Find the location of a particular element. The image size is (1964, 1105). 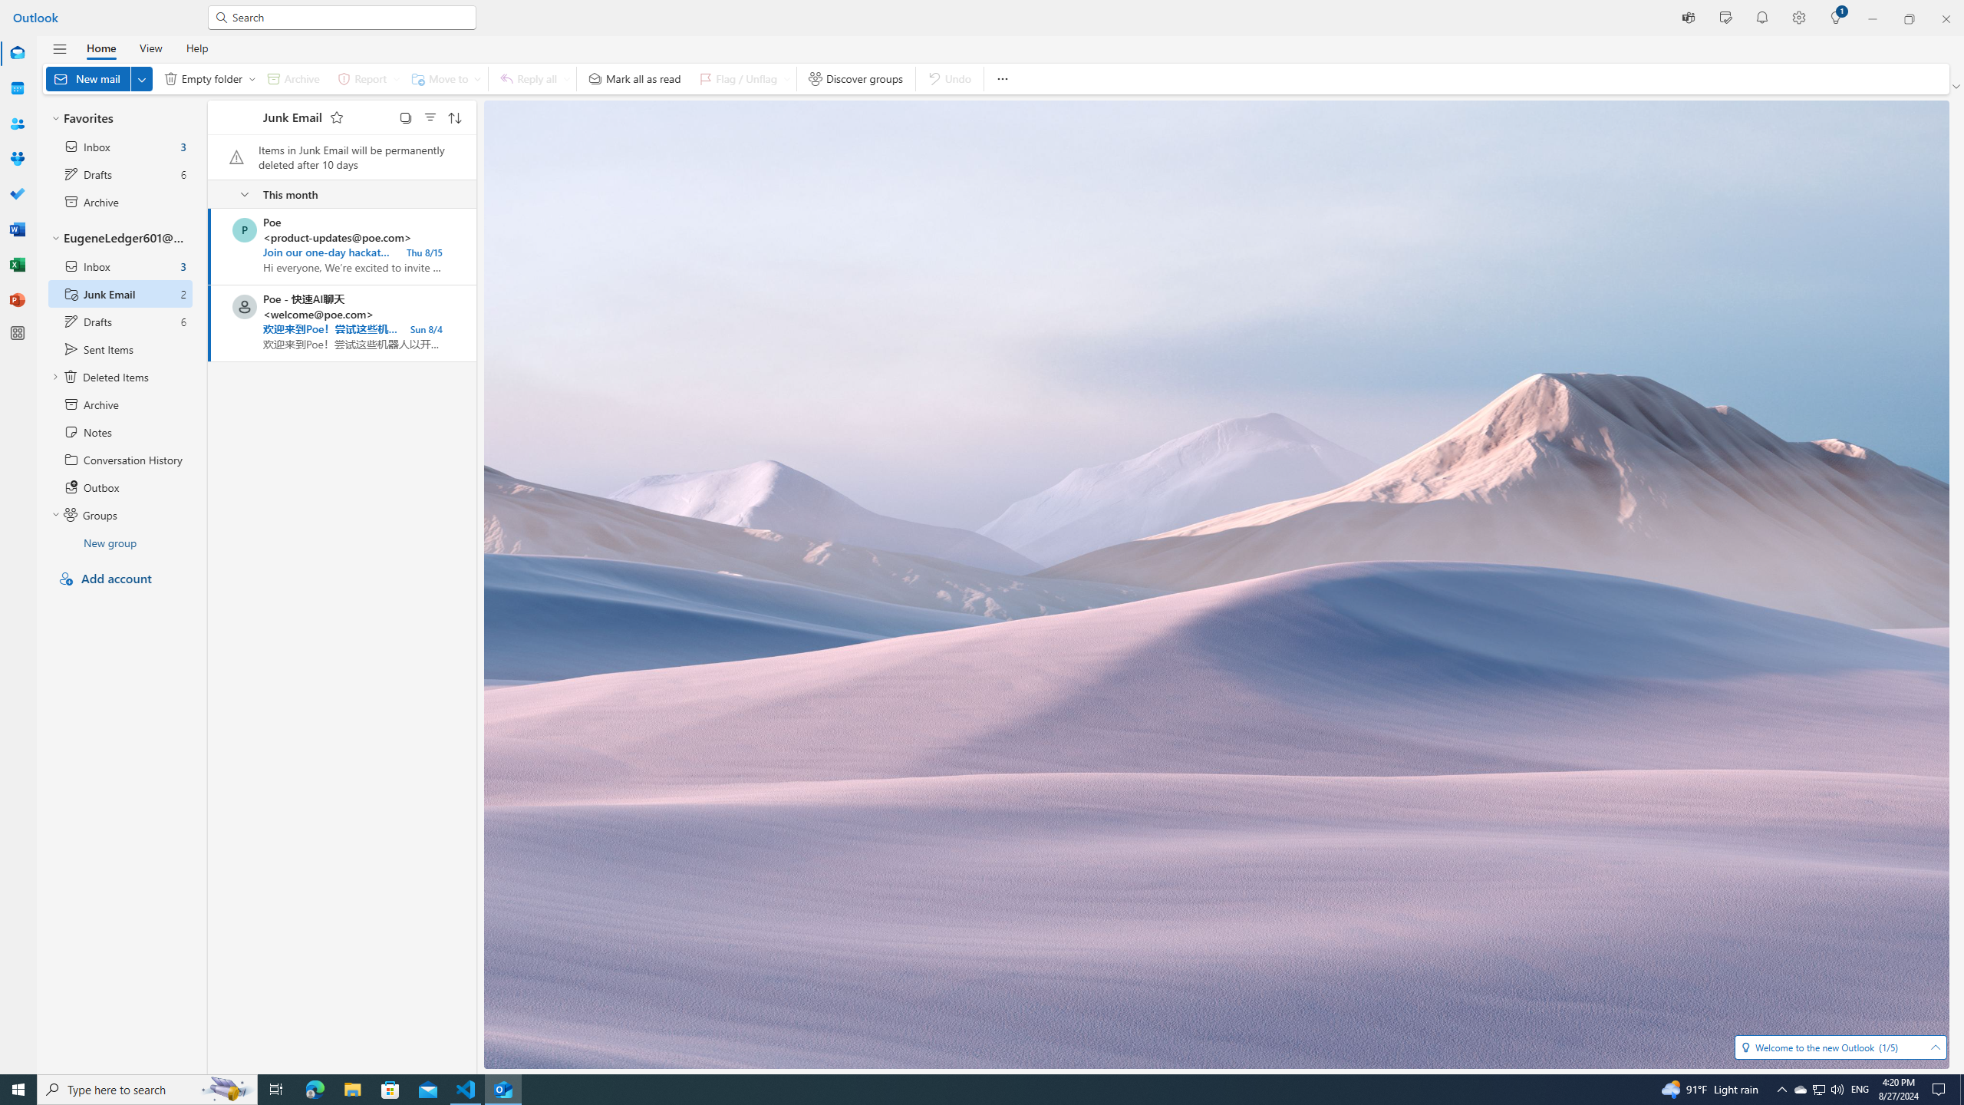

'Reply all' is located at coordinates (531, 78).